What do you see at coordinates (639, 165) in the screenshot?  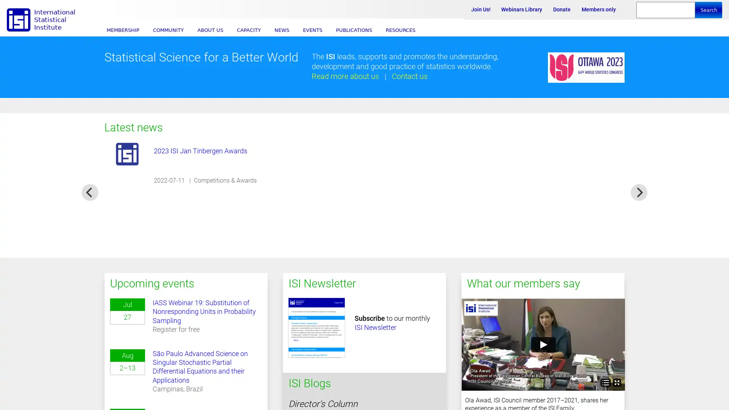 I see `next` at bounding box center [639, 165].